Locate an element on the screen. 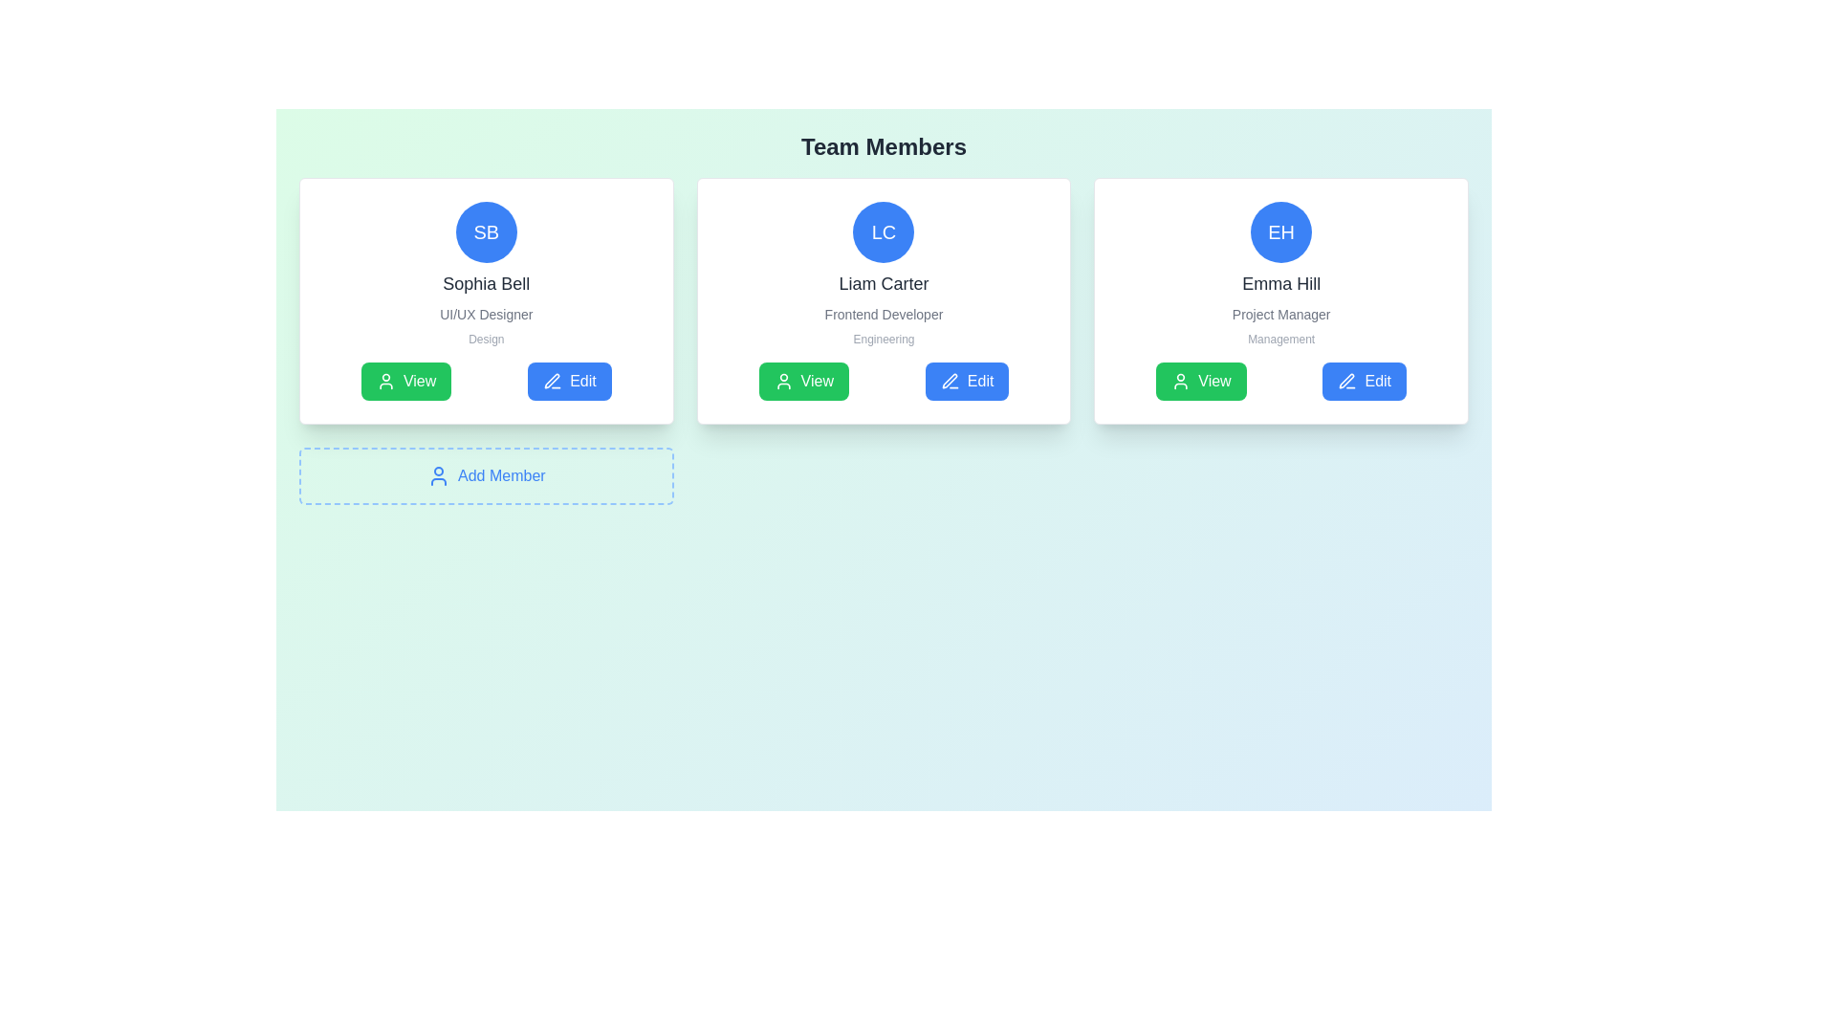  the Avatar or Profile Identifier for Emma Hill, which displays her initials 'EH', located above the text 'Emma Hill' is located at coordinates (1281, 231).